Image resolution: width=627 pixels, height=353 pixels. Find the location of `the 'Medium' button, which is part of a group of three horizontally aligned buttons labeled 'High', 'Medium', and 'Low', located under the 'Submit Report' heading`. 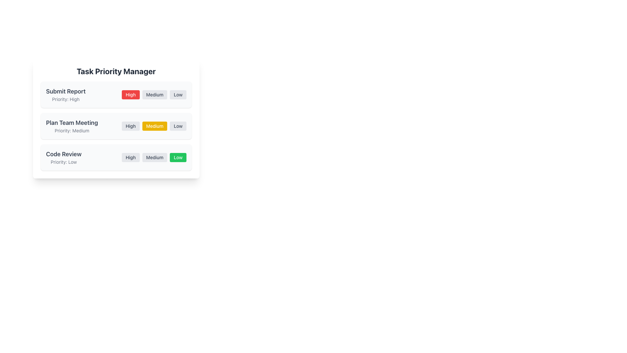

the 'Medium' button, which is part of a group of three horizontally aligned buttons labeled 'High', 'Medium', and 'Low', located under the 'Submit Report' heading is located at coordinates (153, 94).